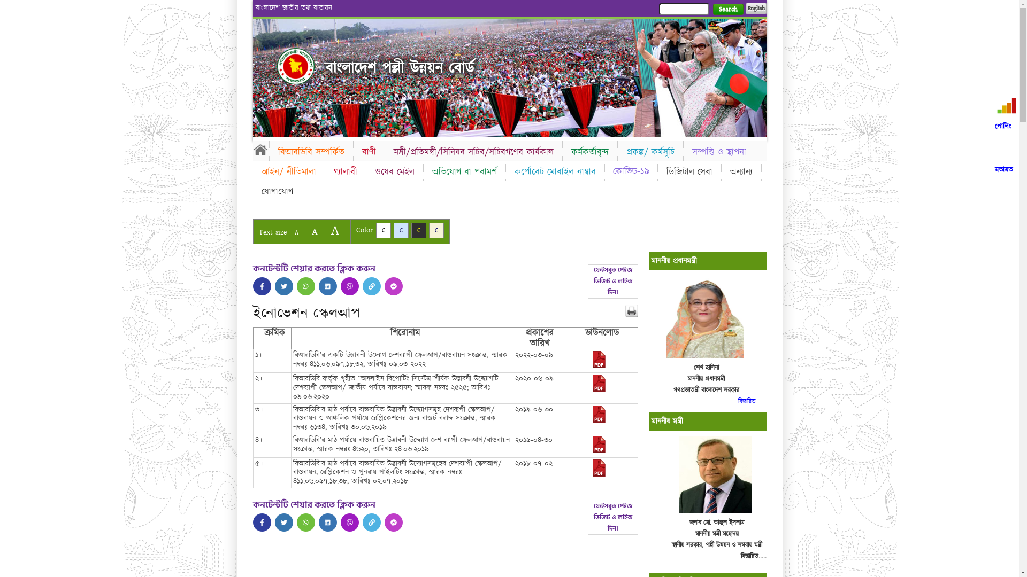 The width and height of the screenshot is (1027, 577). Describe the element at coordinates (755, 8) in the screenshot. I see `'English'` at that location.